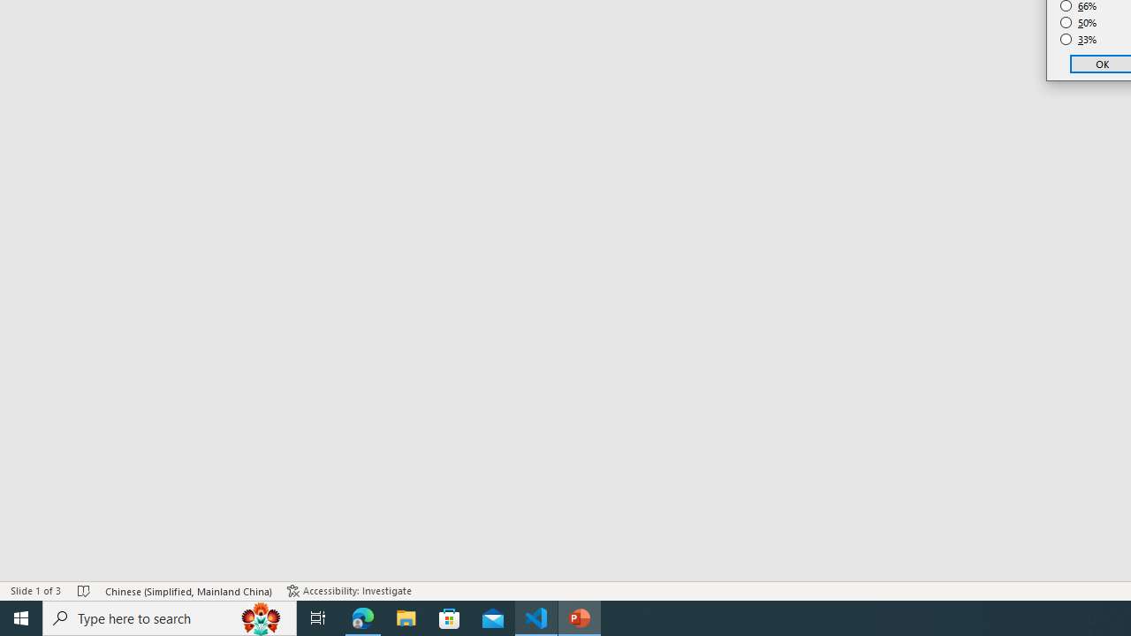 This screenshot has height=636, width=1131. What do you see at coordinates (362, 617) in the screenshot?
I see `'Microsoft Edge - 1 running window'` at bounding box center [362, 617].